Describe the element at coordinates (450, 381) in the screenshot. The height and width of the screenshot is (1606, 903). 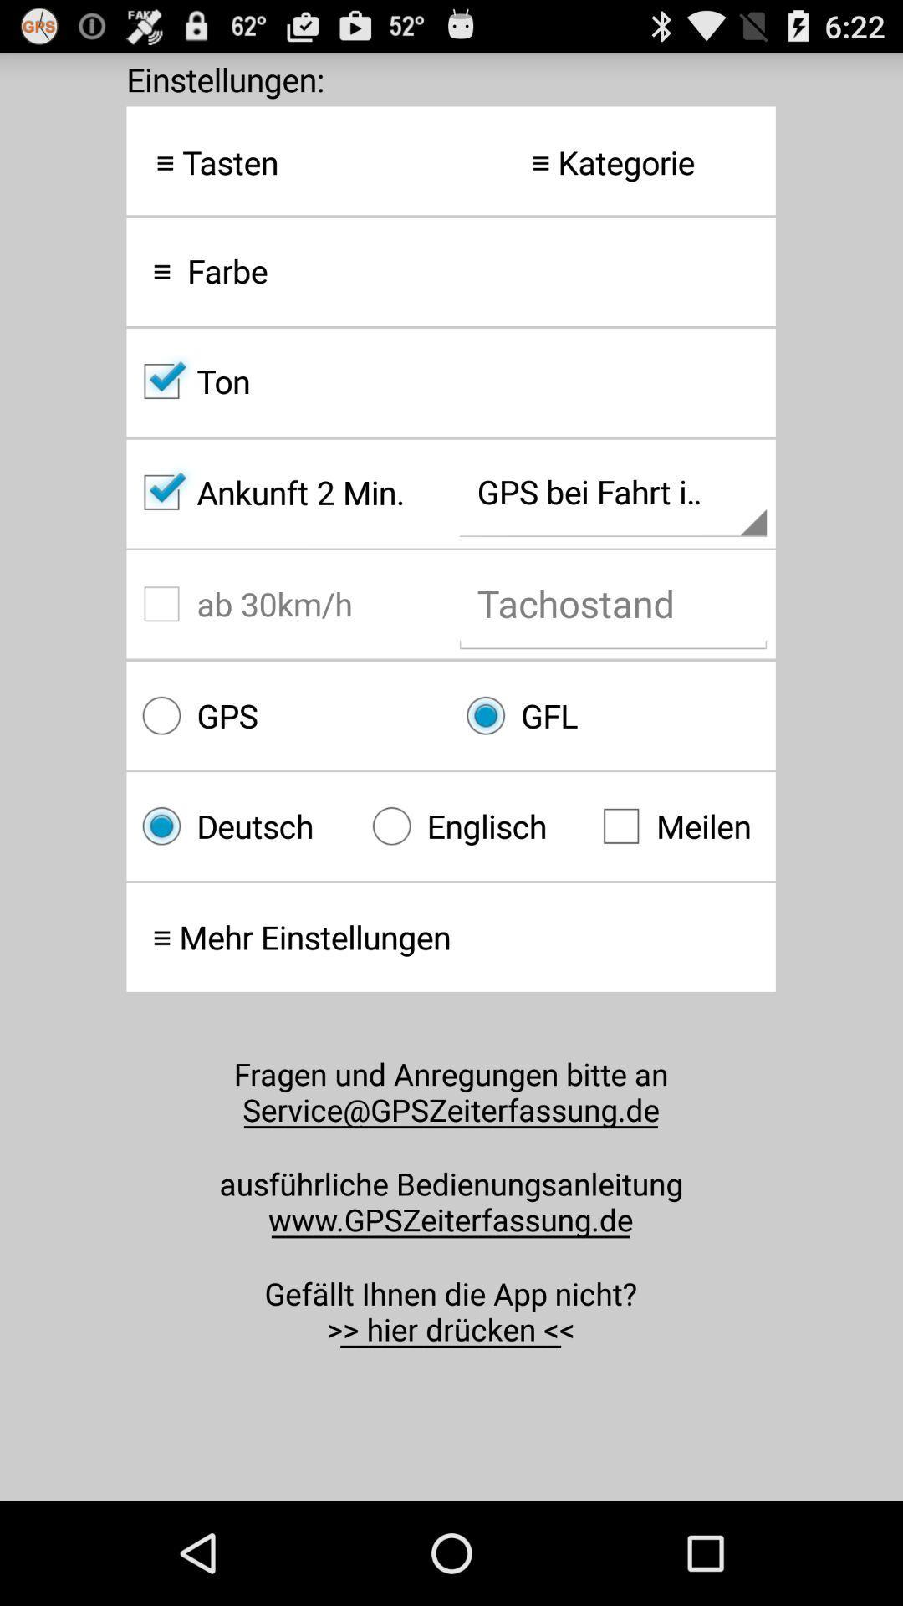
I see `the ton checkbox` at that location.